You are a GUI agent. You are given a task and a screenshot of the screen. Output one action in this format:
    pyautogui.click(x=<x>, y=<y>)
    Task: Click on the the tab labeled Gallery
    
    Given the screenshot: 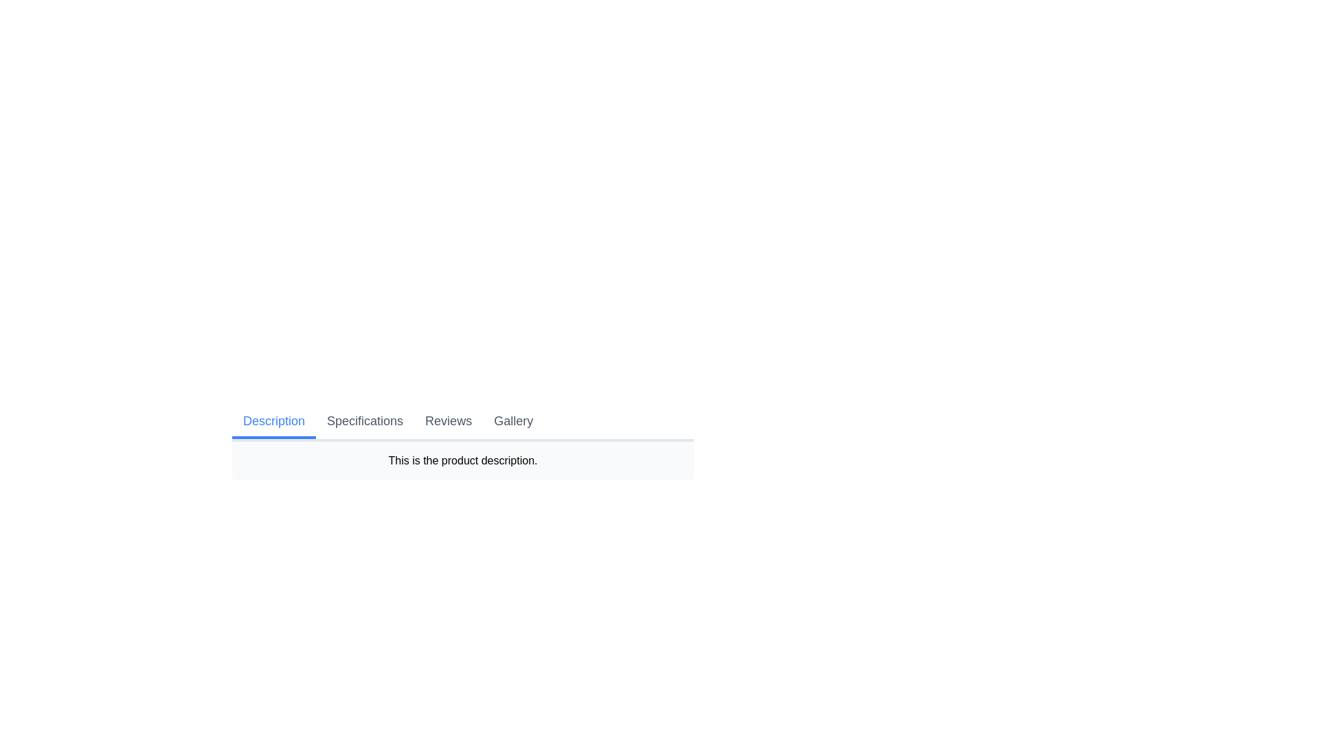 What is the action you would take?
    pyautogui.click(x=512, y=421)
    